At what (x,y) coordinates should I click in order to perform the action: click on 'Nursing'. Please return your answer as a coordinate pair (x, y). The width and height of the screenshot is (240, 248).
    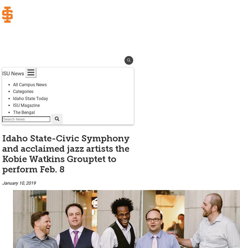
    Looking at the image, I should click on (9, 98).